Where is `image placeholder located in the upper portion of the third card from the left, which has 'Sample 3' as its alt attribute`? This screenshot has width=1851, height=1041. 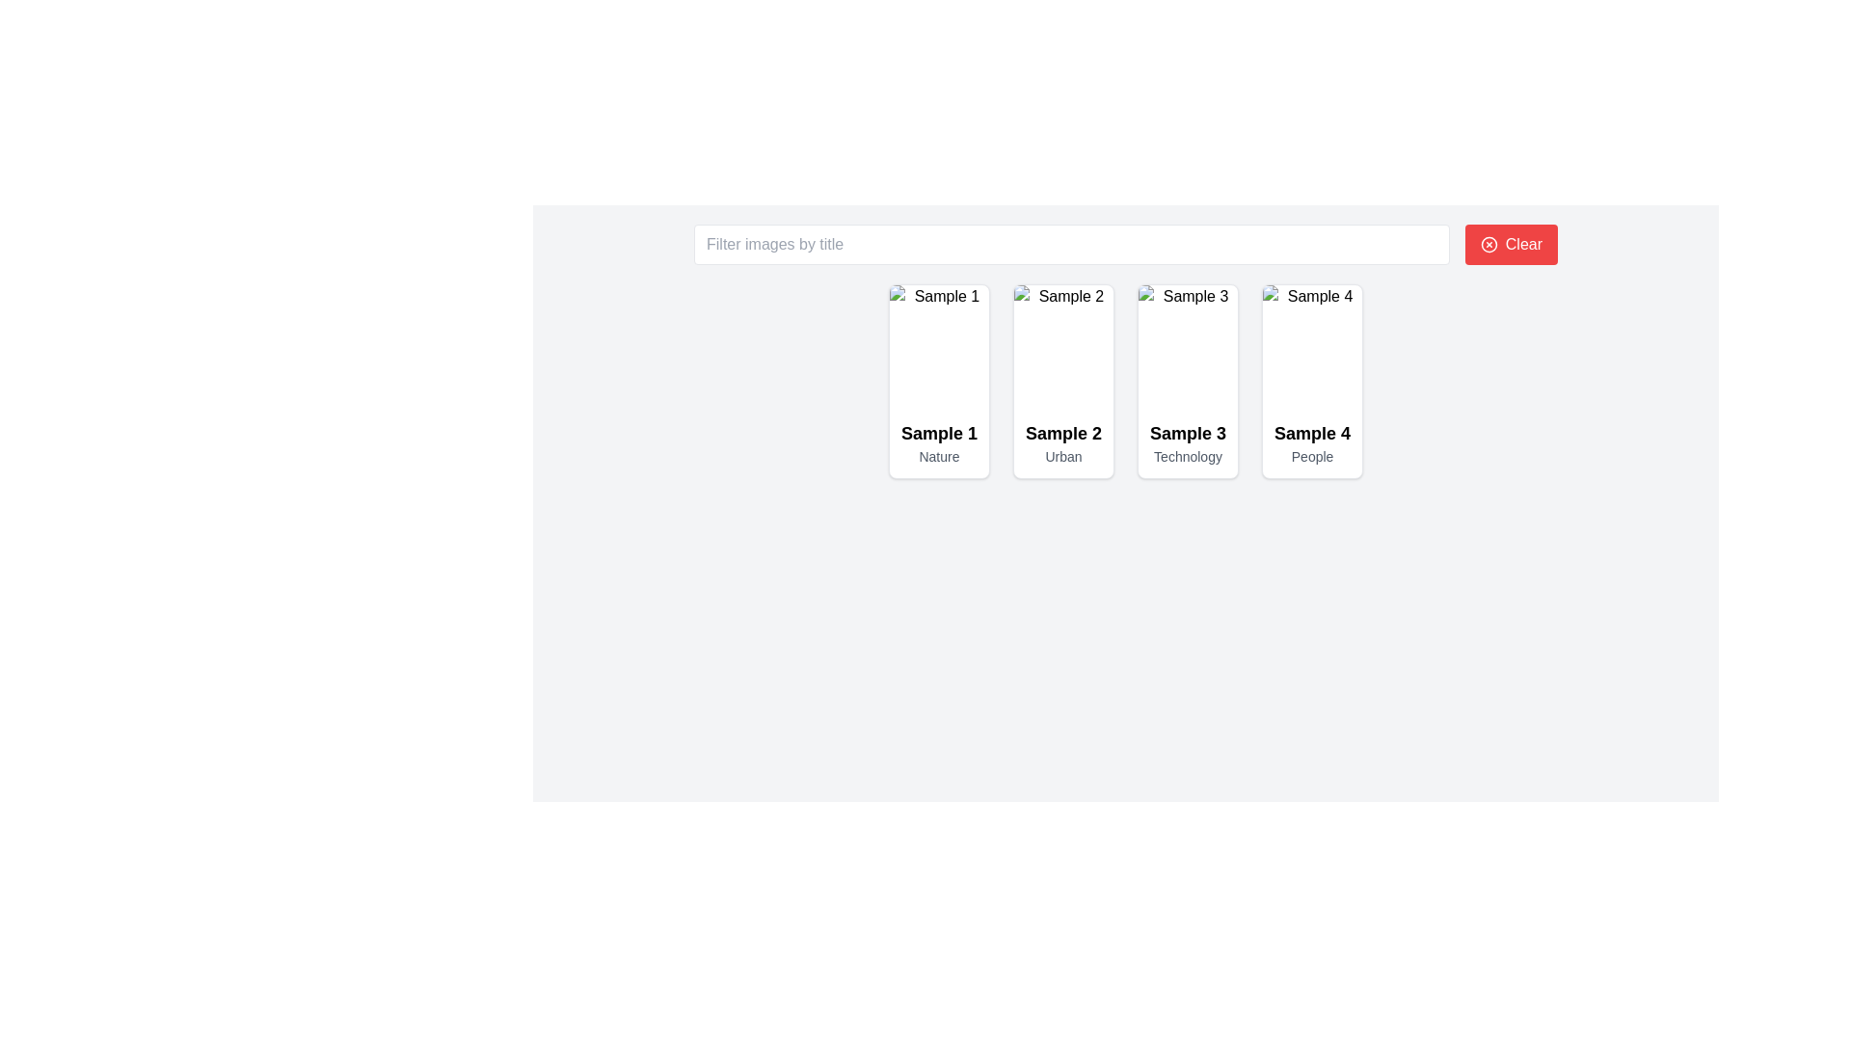
image placeholder located in the upper portion of the third card from the left, which has 'Sample 3' as its alt attribute is located at coordinates (1187, 345).